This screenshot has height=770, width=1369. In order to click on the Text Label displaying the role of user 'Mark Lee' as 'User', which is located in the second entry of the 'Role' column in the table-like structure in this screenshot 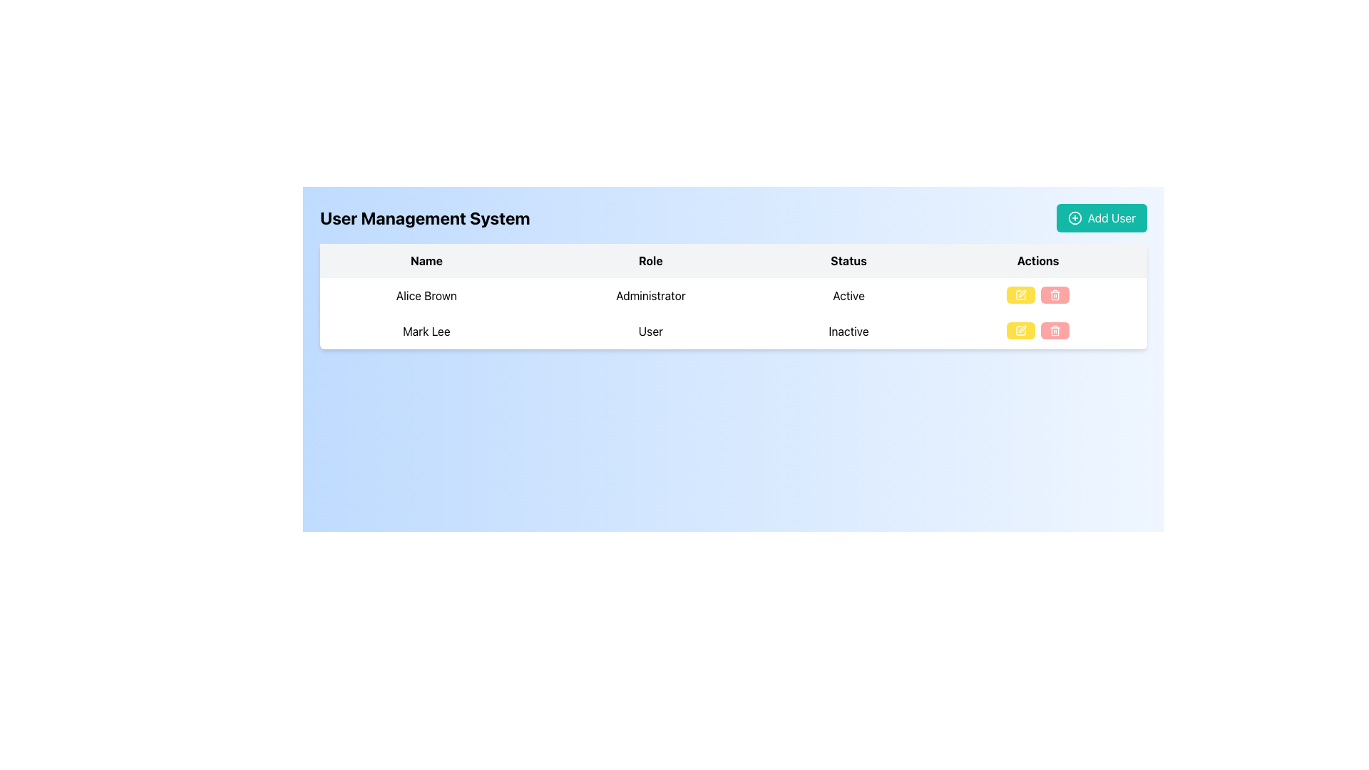, I will do `click(650, 332)`.